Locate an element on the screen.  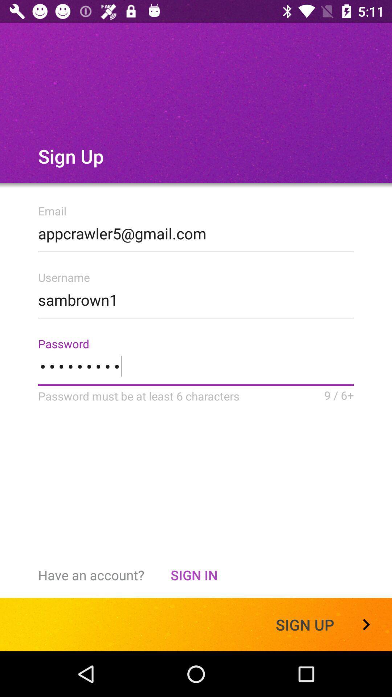
the crowd3116 is located at coordinates (196, 371).